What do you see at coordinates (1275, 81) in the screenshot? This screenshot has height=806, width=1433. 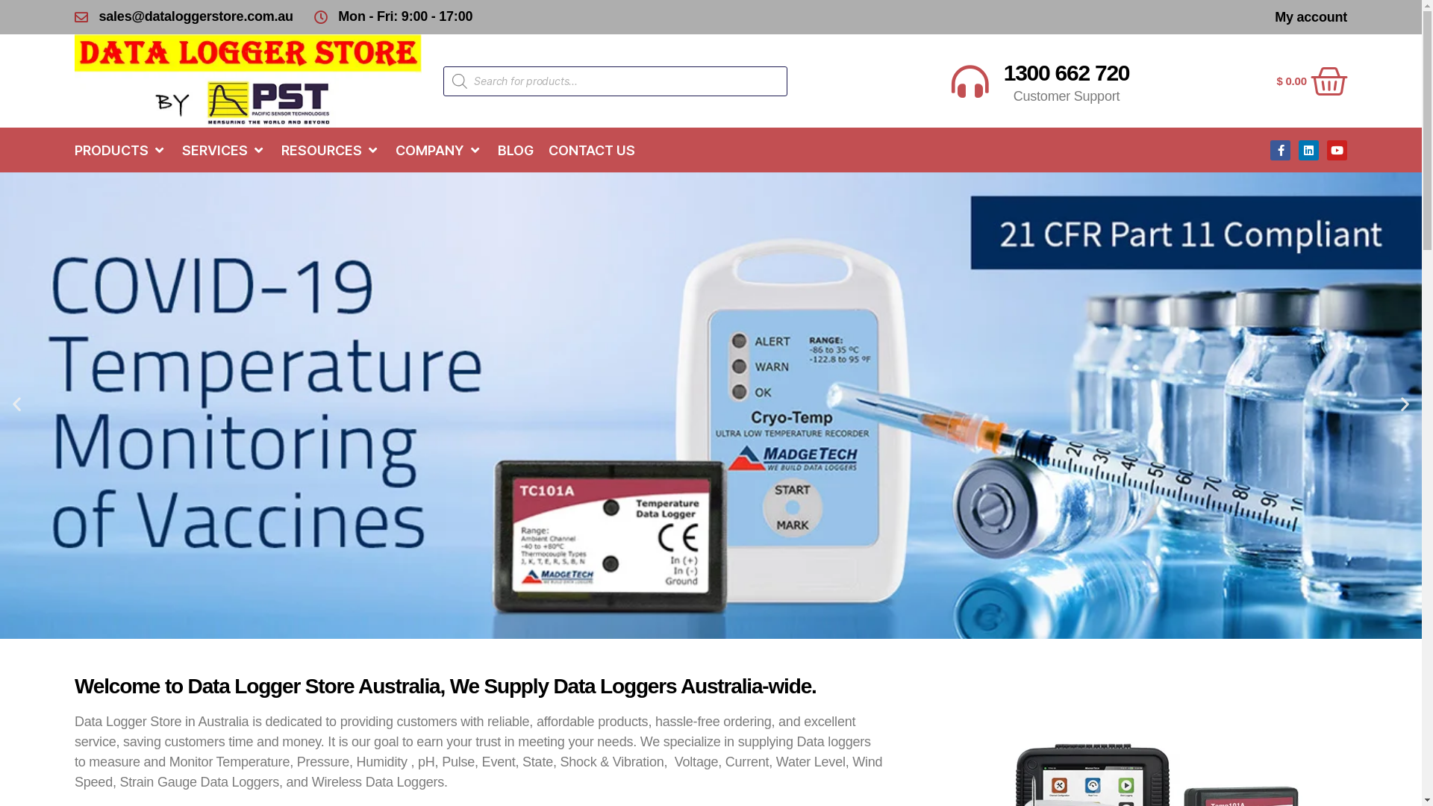 I see `'$ 0.00'` at bounding box center [1275, 81].